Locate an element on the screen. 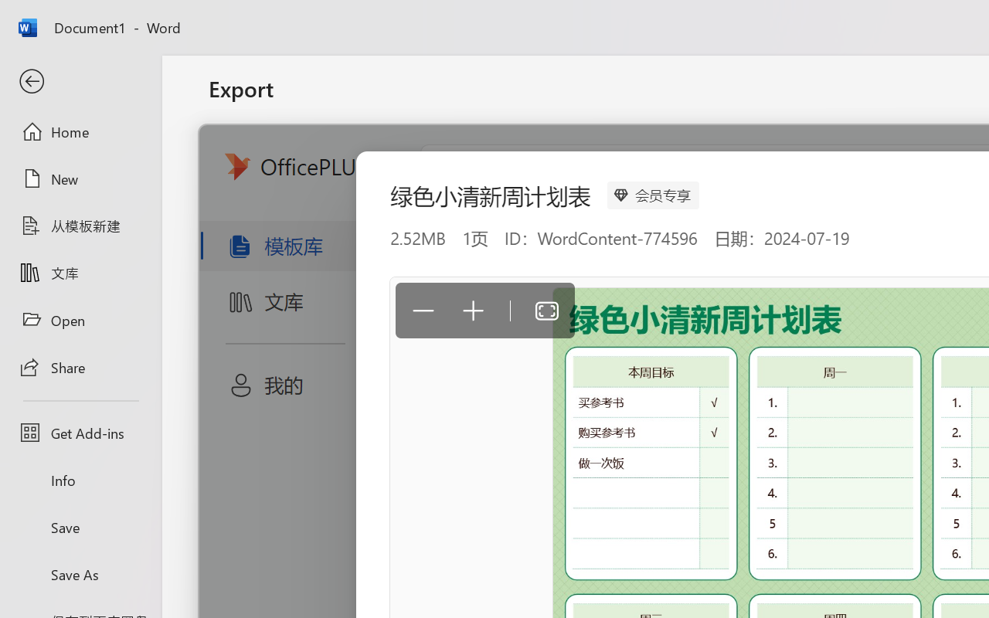 Image resolution: width=989 pixels, height=618 pixels. 'Back' is located at coordinates (80, 81).